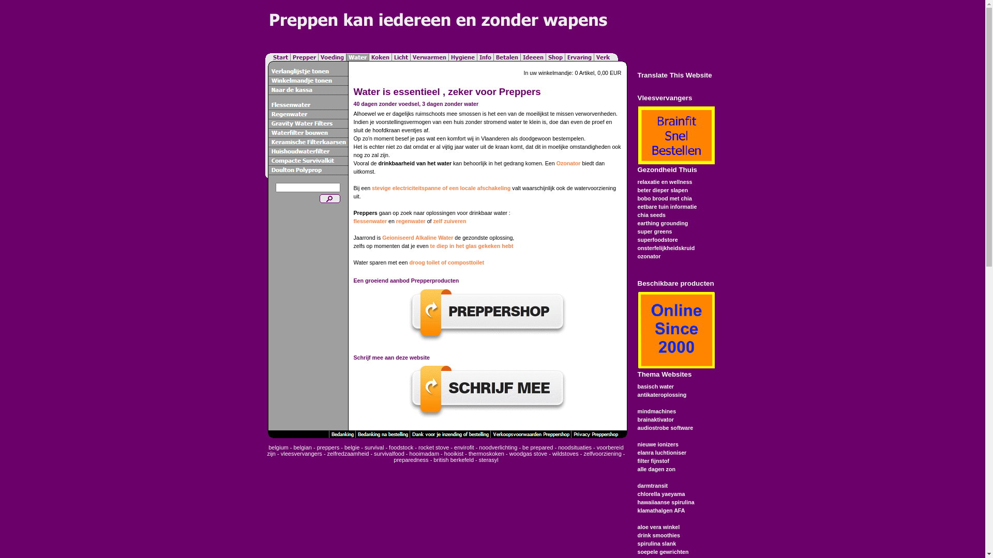 Image resolution: width=993 pixels, height=558 pixels. I want to click on 'audiostrobe software', so click(665, 428).